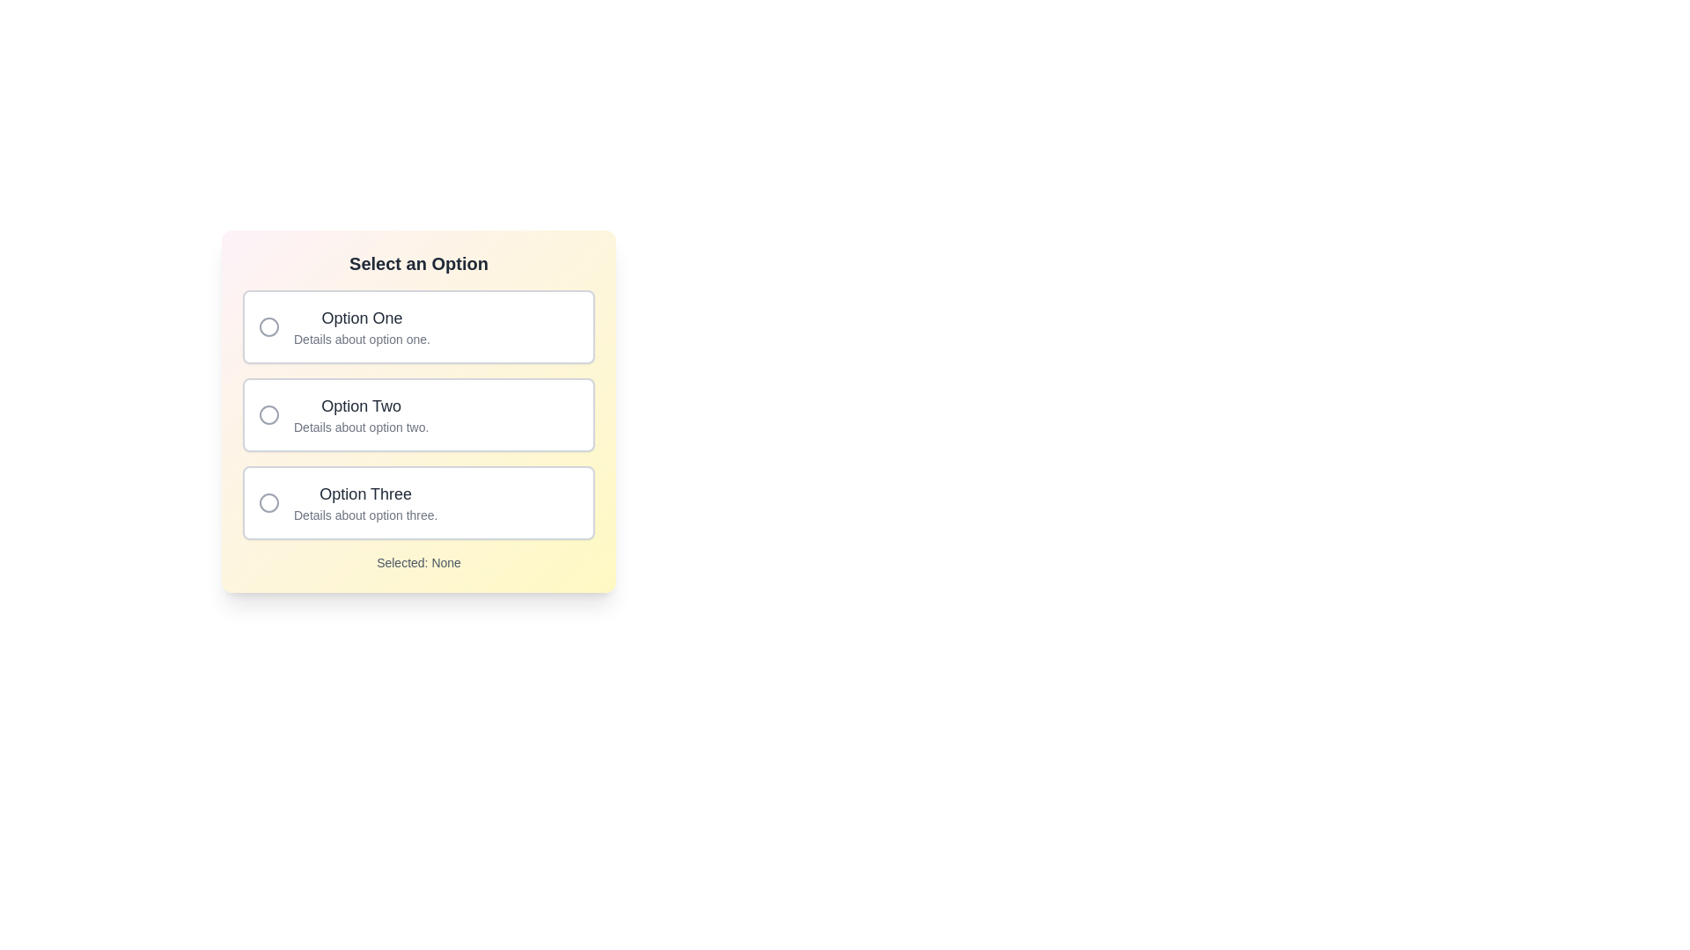  Describe the element at coordinates (360, 427) in the screenshot. I see `the static text element that provides descriptive information about 'Option Two', located to the right of the selection indicator and below the title text` at that location.